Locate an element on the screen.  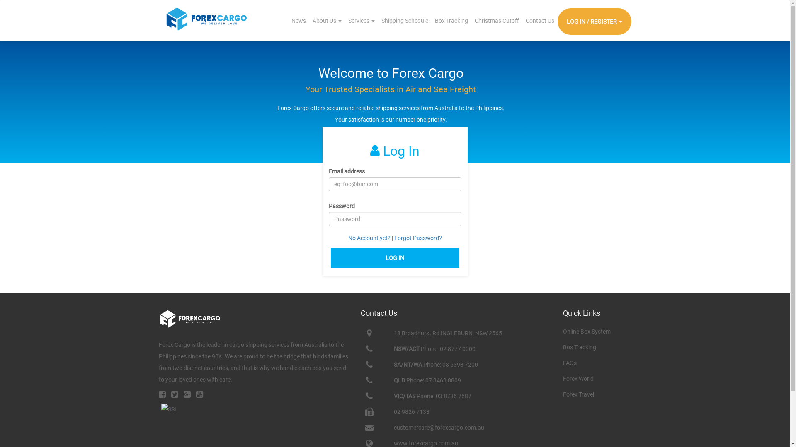
'www.forexcargo.com.au' is located at coordinates (426, 443).